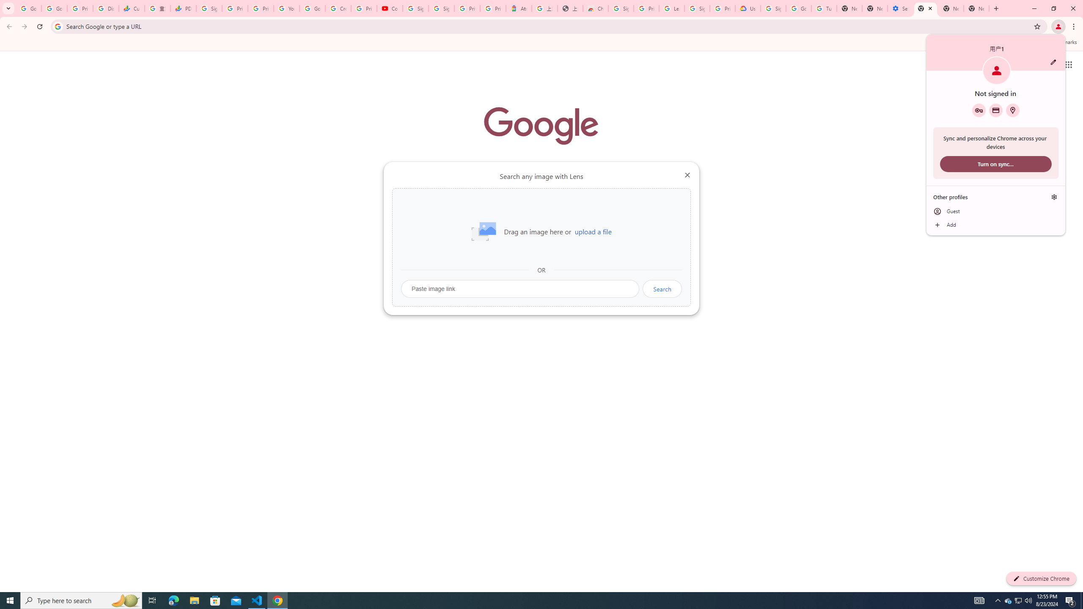 The width and height of the screenshot is (1083, 609). I want to click on 'Q2790: 100%', so click(1028, 600).